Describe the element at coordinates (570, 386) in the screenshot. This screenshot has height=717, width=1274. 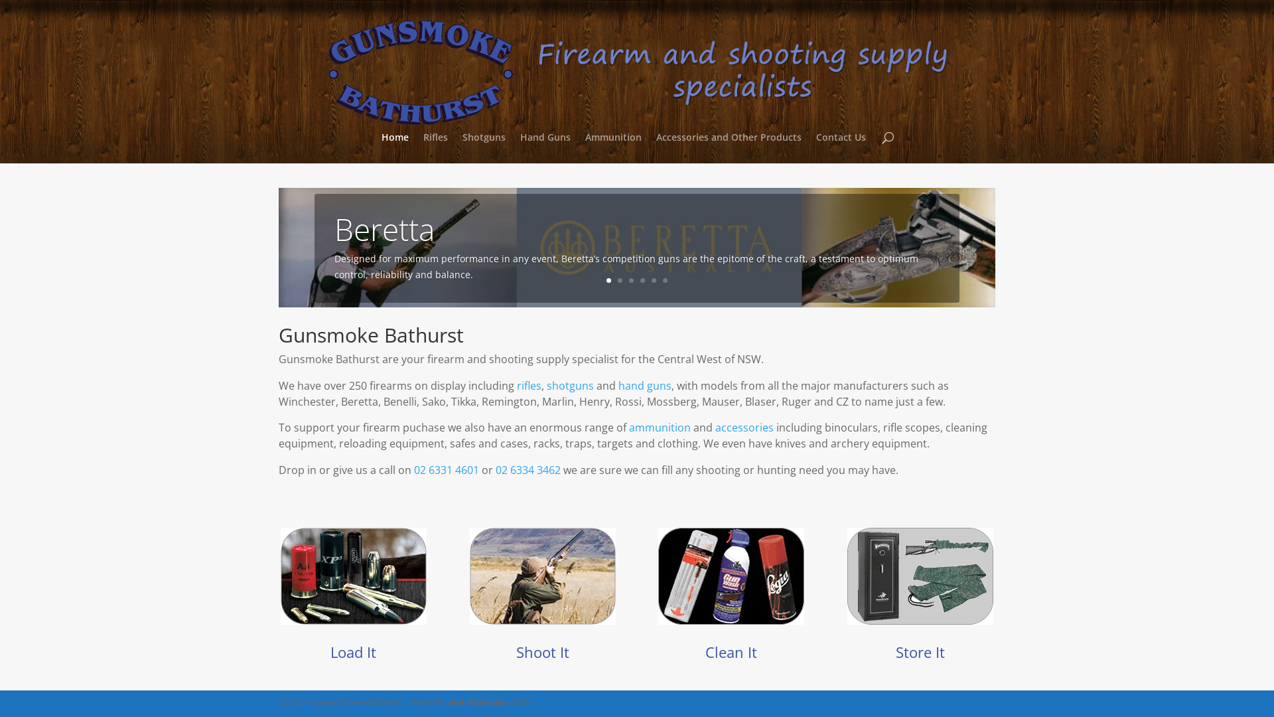
I see `'shotguns'` at that location.